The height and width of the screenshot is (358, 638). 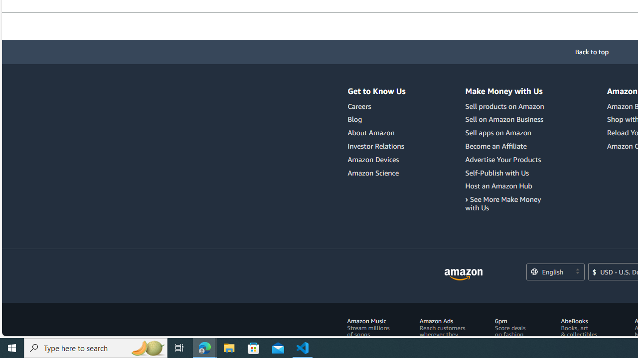 I want to click on 'Choose a language for shopping.', so click(x=554, y=272).